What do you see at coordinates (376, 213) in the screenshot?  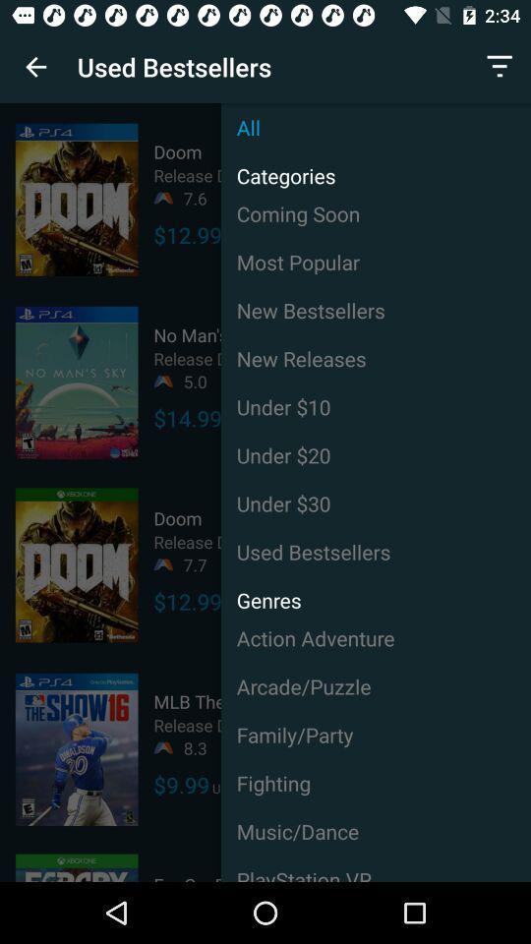 I see `the icon to the right of $12.99` at bounding box center [376, 213].